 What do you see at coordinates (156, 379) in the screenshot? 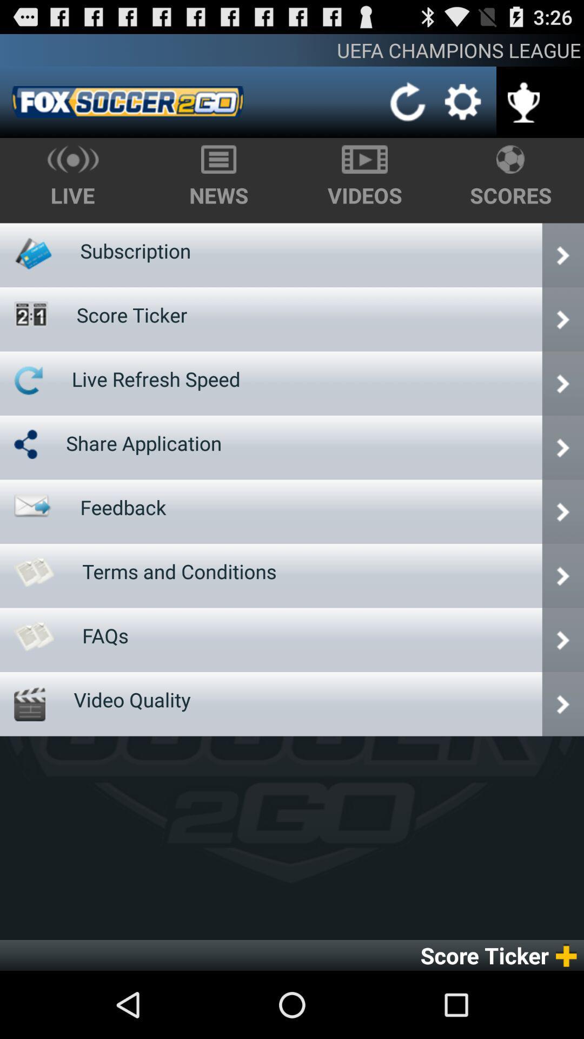
I see `live refresh speed app` at bounding box center [156, 379].